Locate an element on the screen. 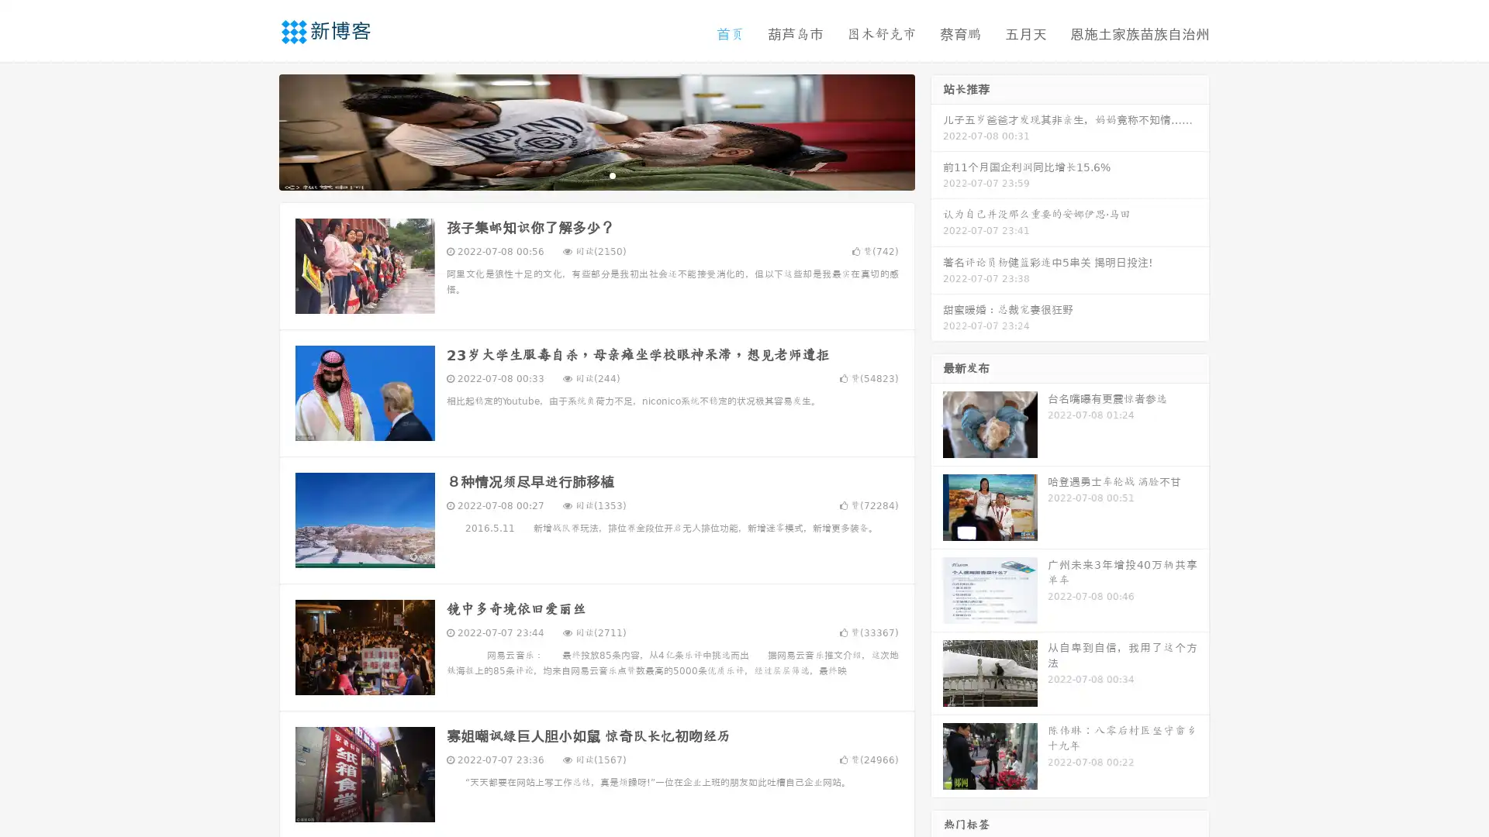 This screenshot has width=1489, height=837. Previous slide is located at coordinates (256, 130).